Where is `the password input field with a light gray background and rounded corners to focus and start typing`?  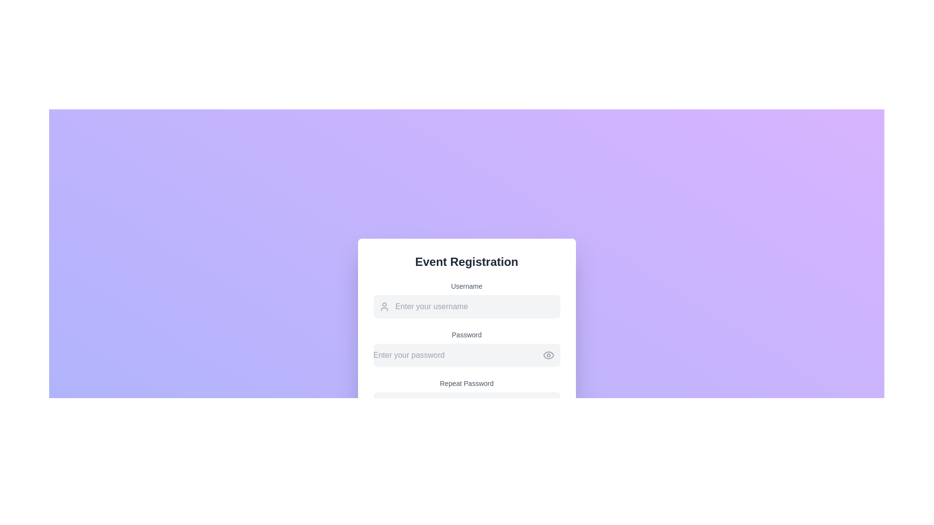
the password input field with a light gray background and rounded corners to focus and start typing is located at coordinates (466, 348).